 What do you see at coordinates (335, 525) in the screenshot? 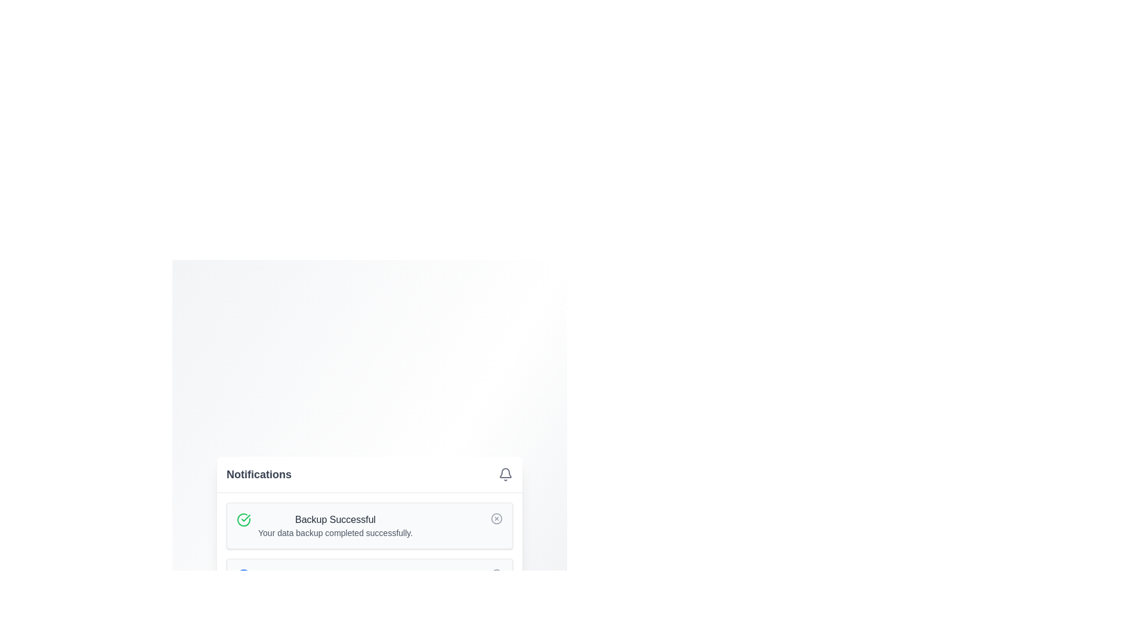
I see `the notification text block that indicates a completed data backup operation, located to the right of a green checkmark icon and above a close button` at bounding box center [335, 525].